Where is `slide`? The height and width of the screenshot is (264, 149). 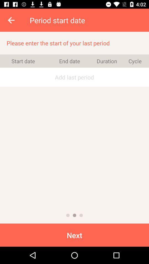 slide is located at coordinates (74, 215).